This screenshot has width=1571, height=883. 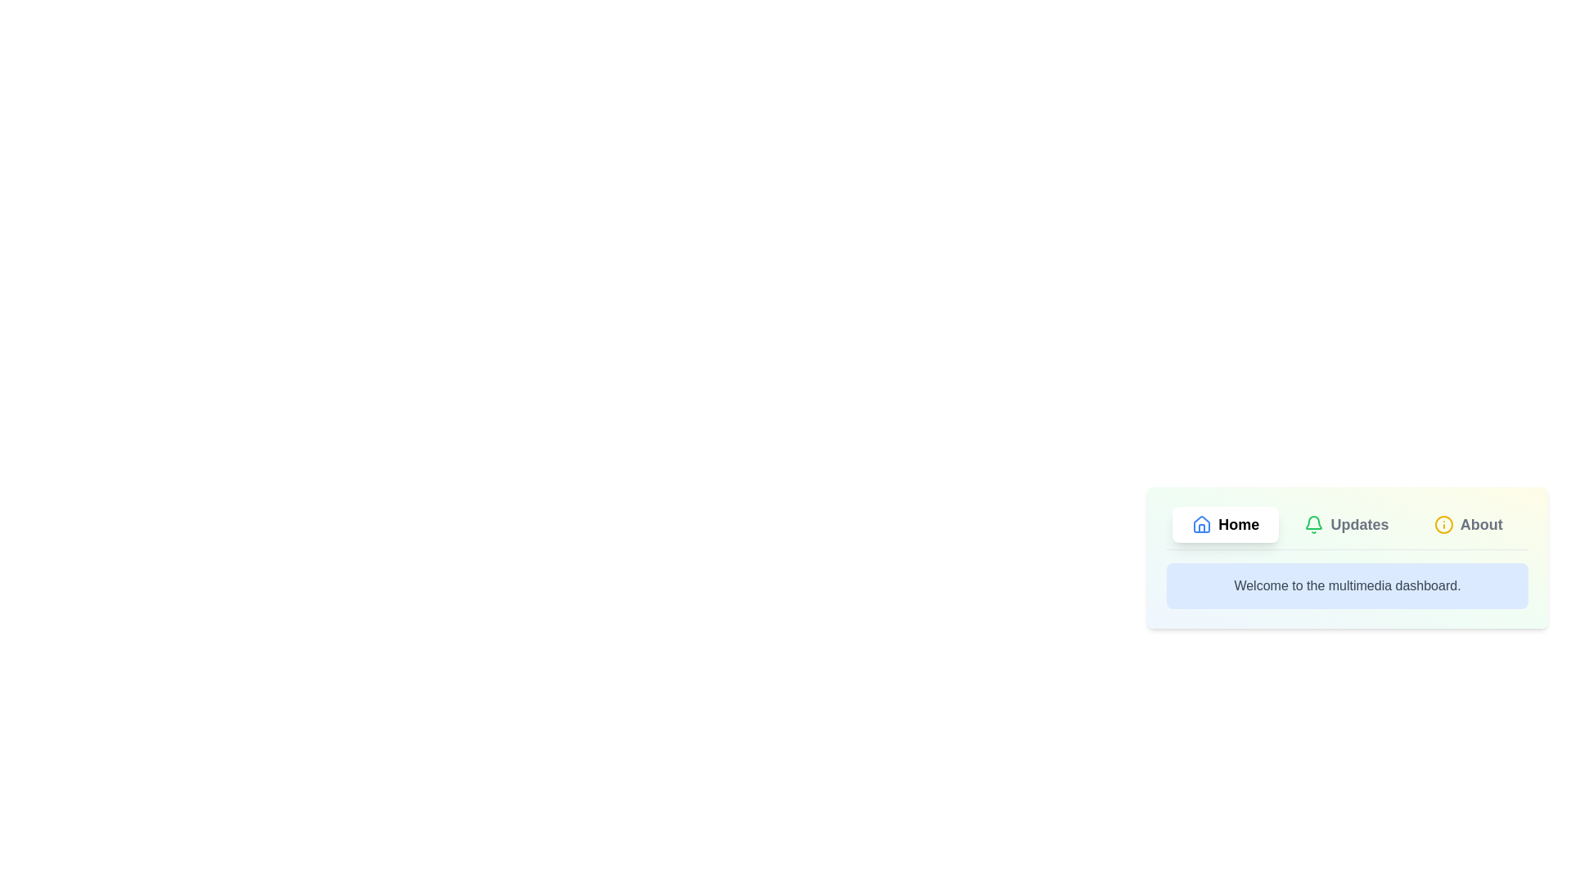 What do you see at coordinates (1468, 524) in the screenshot?
I see `the About tab by clicking on it` at bounding box center [1468, 524].